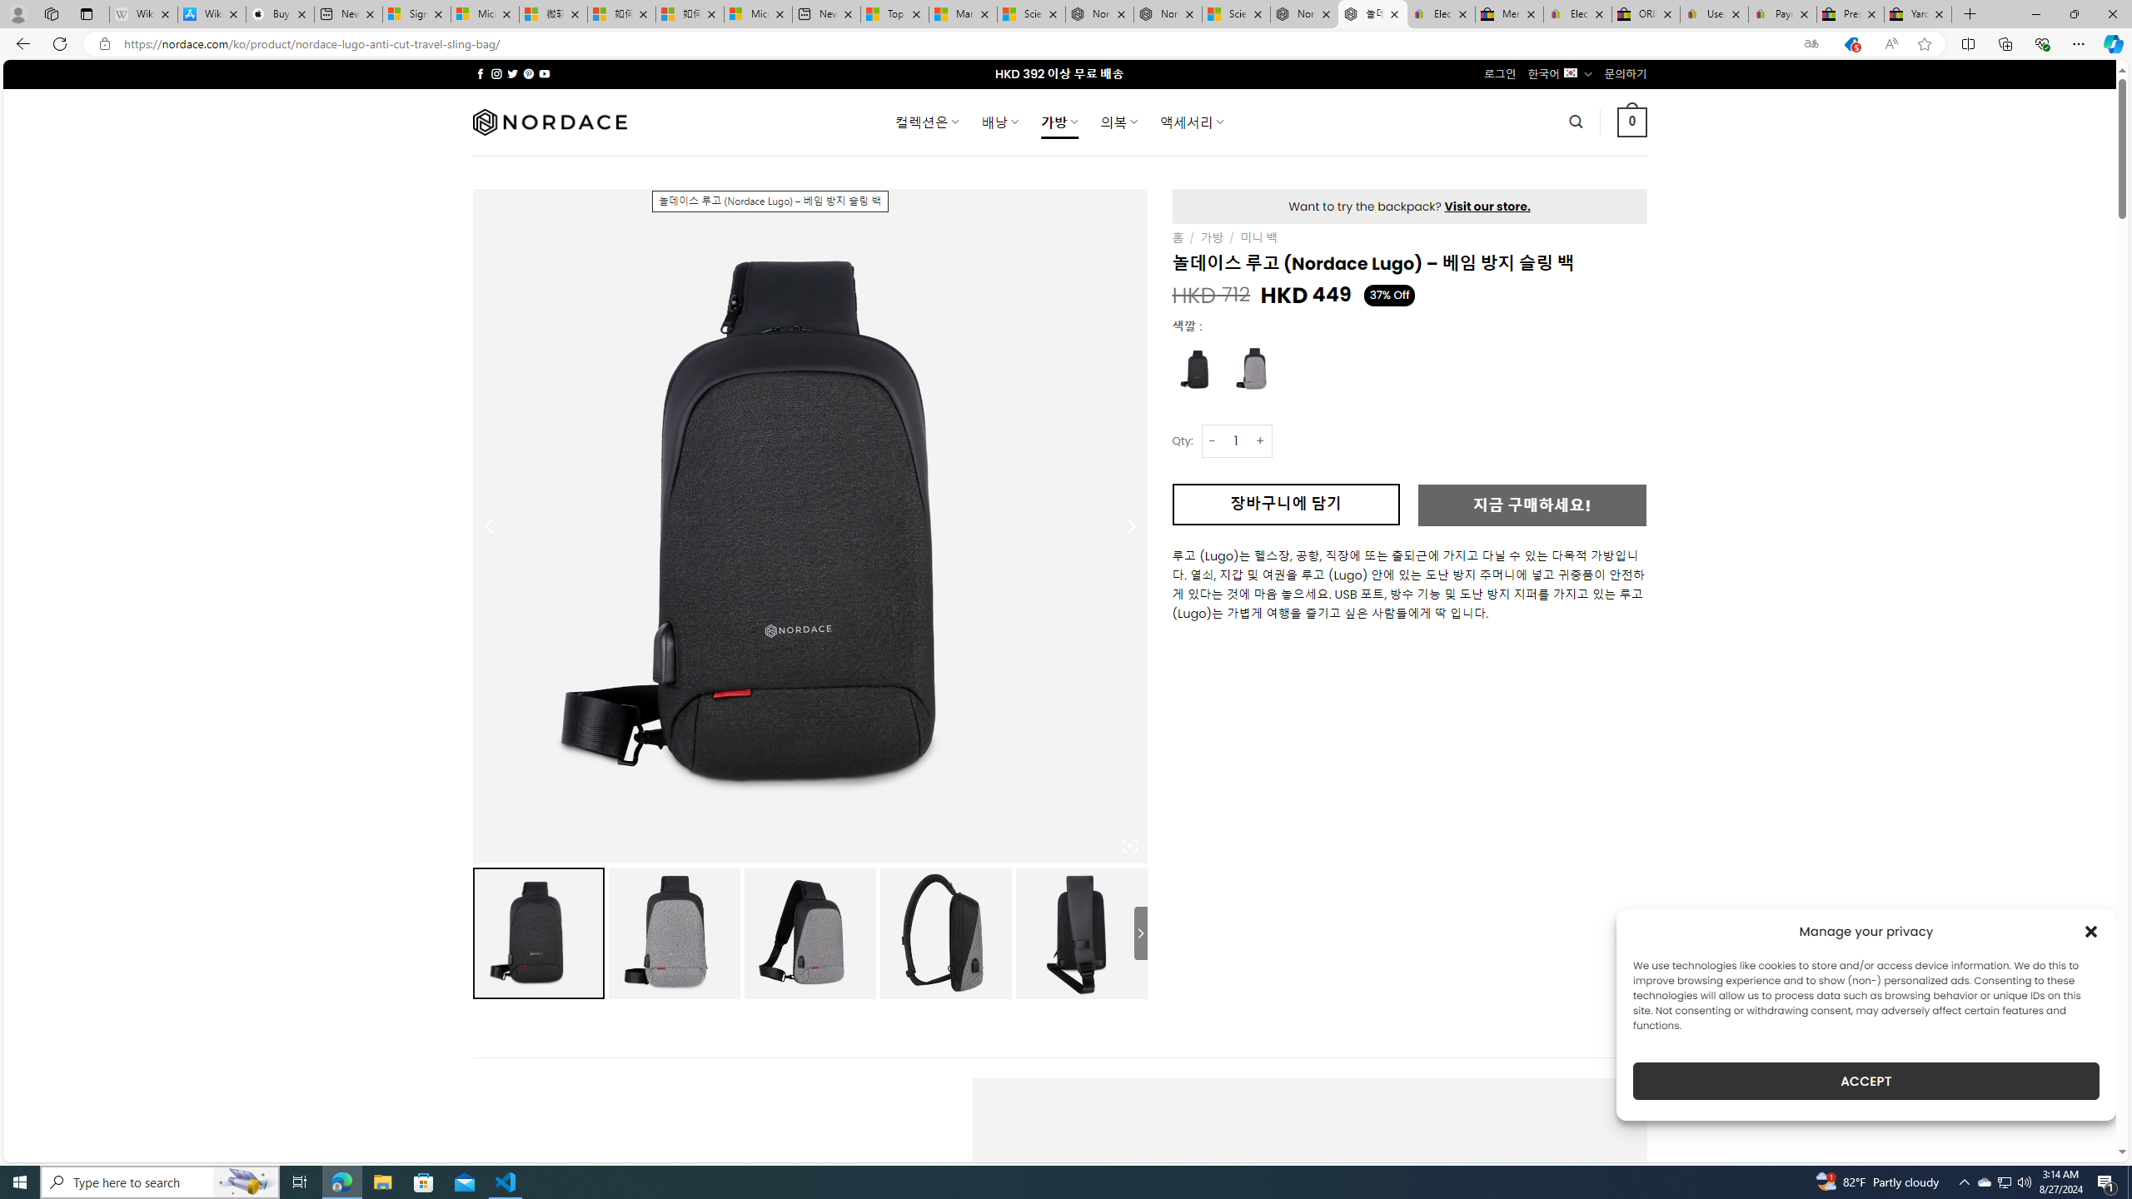 Image resolution: width=2132 pixels, height=1199 pixels. Describe the element at coordinates (2091, 931) in the screenshot. I see `'Class: cmplz-close'` at that location.